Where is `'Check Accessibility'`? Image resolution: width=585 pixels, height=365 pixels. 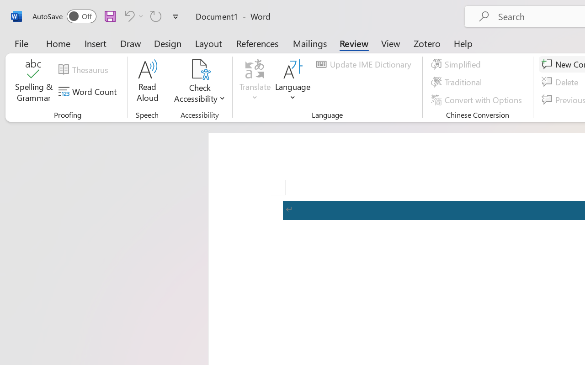 'Check Accessibility' is located at coordinates (199, 69).